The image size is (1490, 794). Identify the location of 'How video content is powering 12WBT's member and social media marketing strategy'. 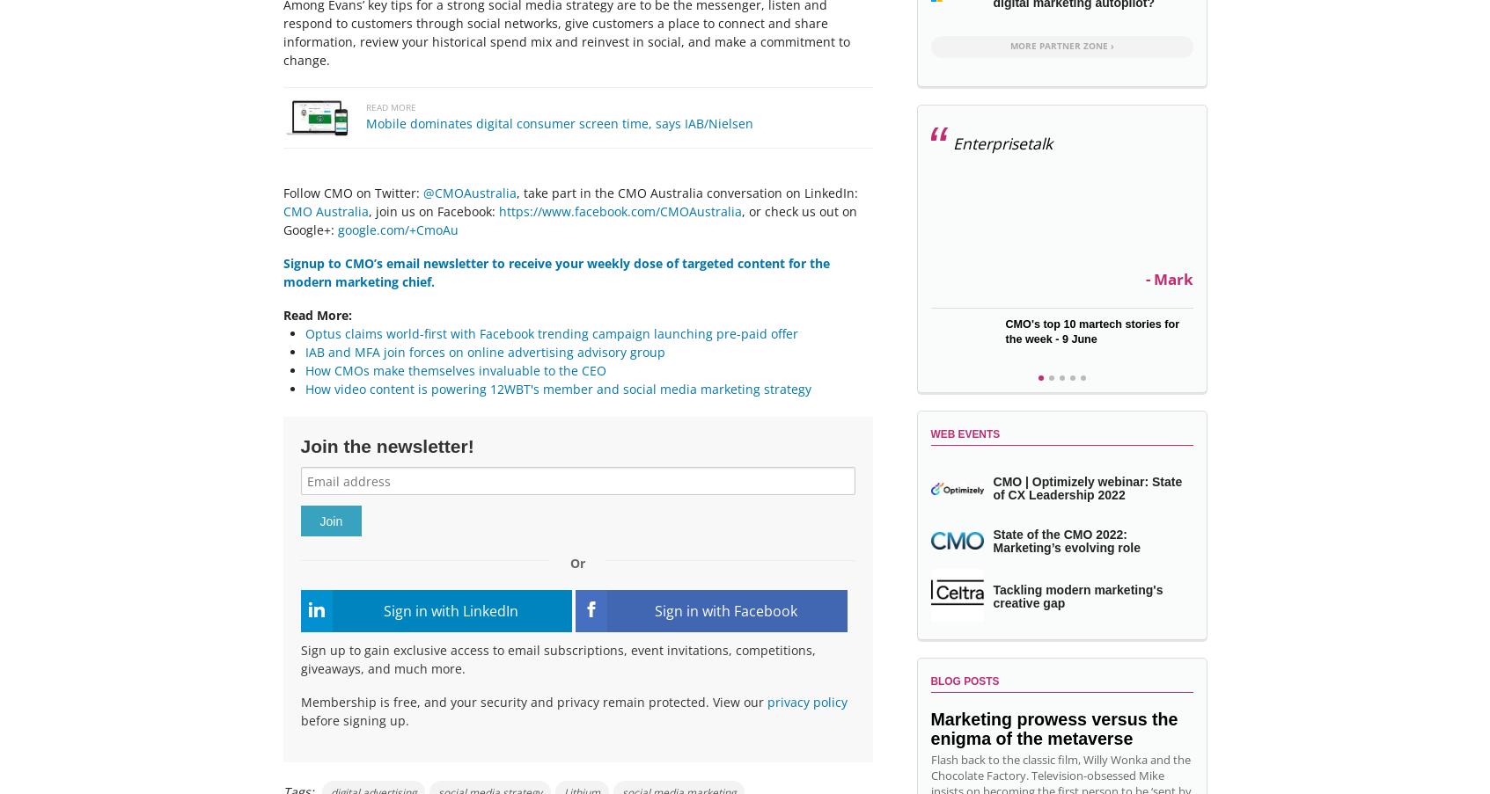
(557, 387).